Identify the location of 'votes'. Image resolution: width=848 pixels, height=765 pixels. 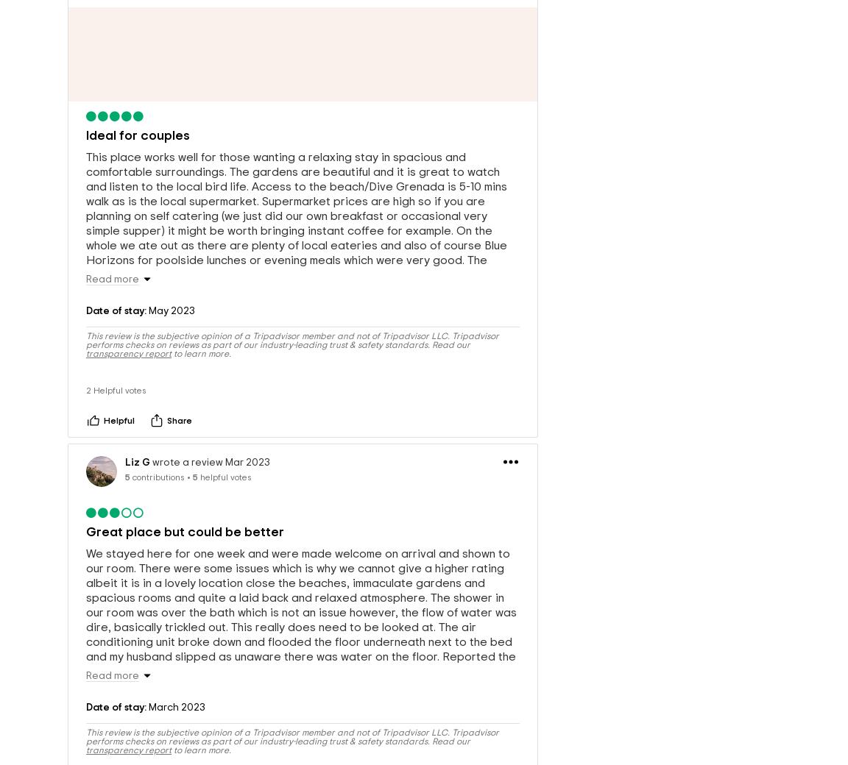
(125, 394).